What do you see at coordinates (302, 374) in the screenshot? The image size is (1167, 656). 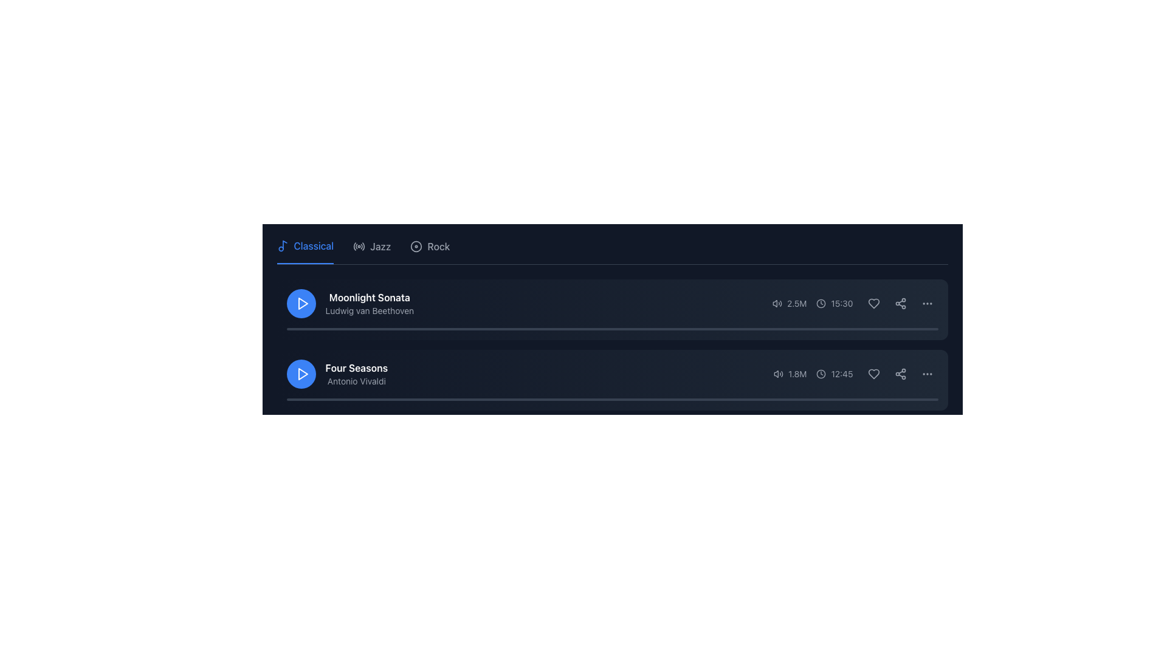 I see `the SVG-based Play Icon, which is centered within a circular blue button to the left of the 'Moonlight Sonata' text entry` at bounding box center [302, 374].